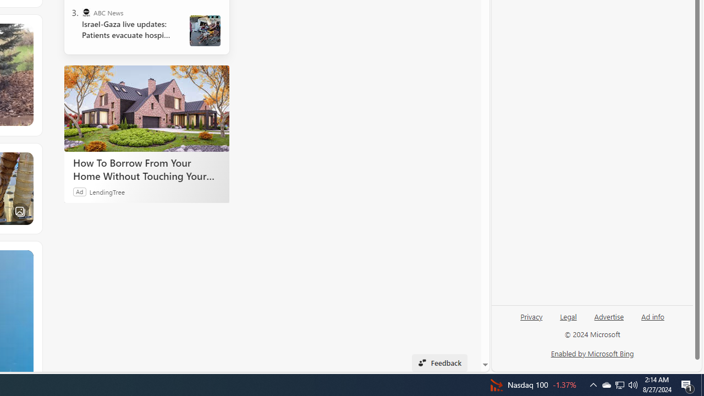 This screenshot has height=396, width=704. Describe the element at coordinates (85, 13) in the screenshot. I see `'ABC News'` at that location.